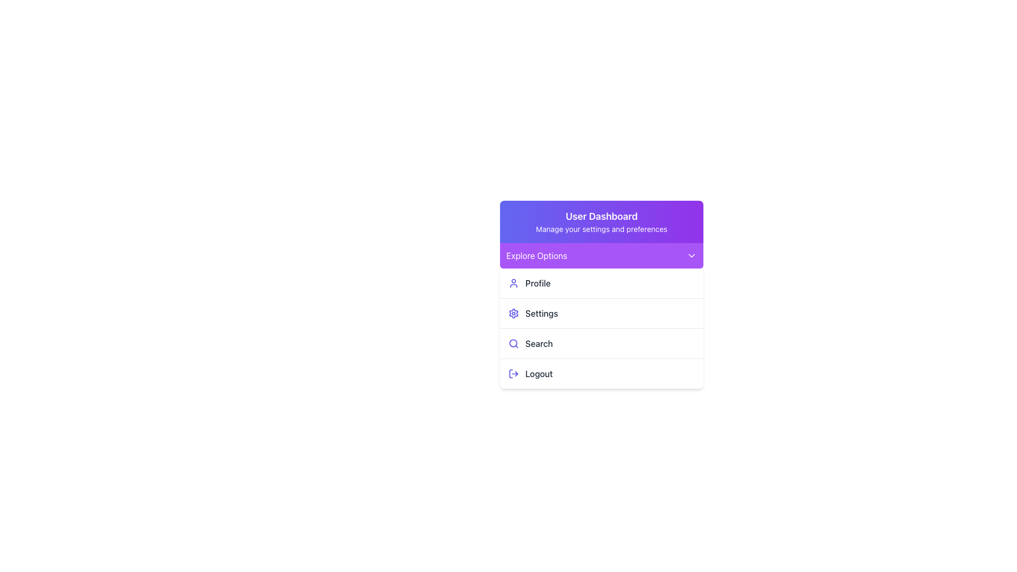 The image size is (1017, 572). I want to click on the center of the circle that is part of the magnifying glass icon in the 'Search' section of the dropdown list, so click(513, 343).